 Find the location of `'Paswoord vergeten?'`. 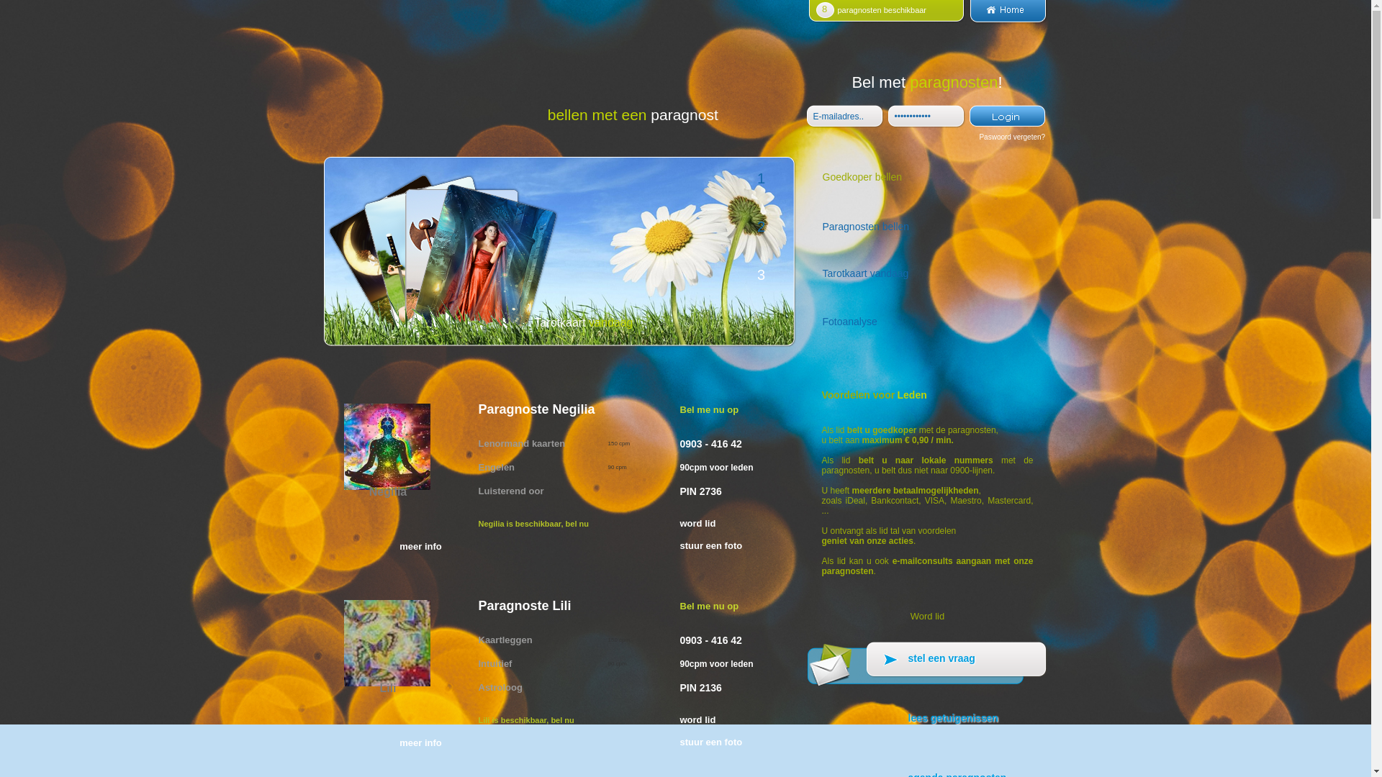

'Paswoord vergeten?' is located at coordinates (1011, 137).